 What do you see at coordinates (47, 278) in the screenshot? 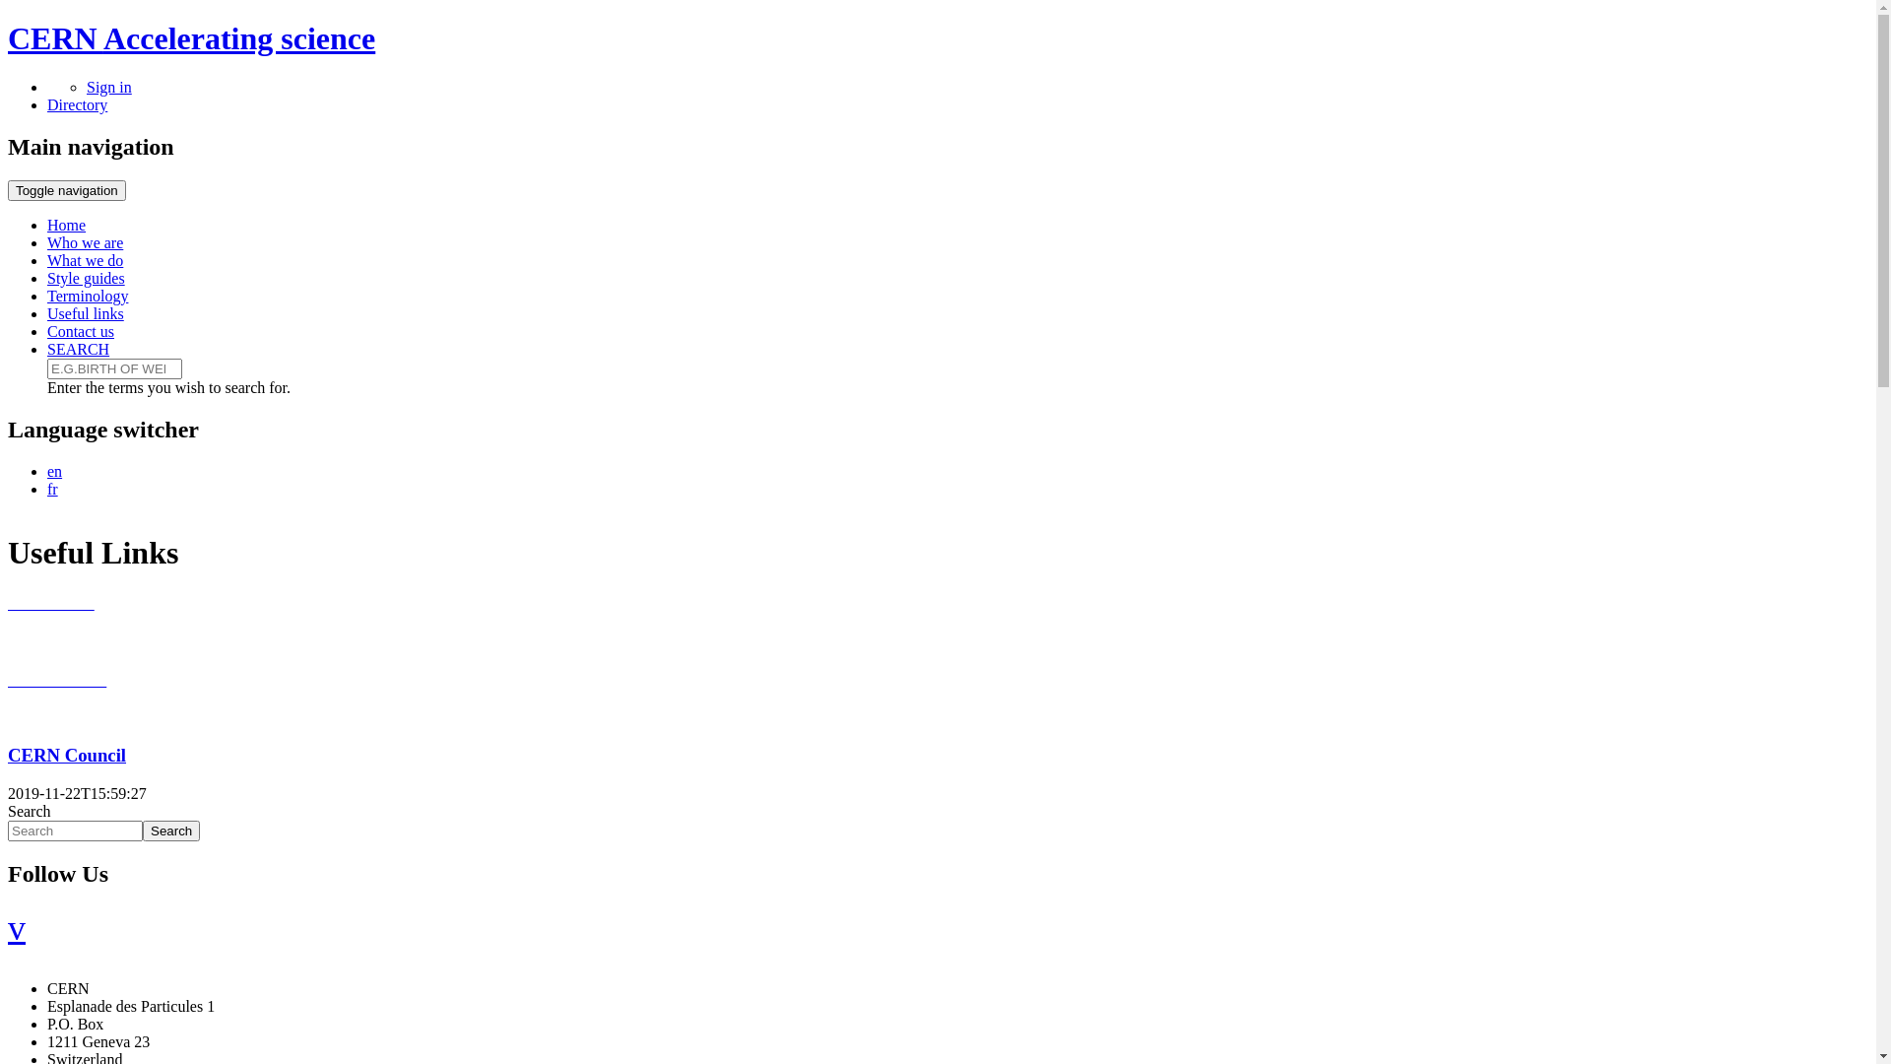
I see `'Style guides'` at bounding box center [47, 278].